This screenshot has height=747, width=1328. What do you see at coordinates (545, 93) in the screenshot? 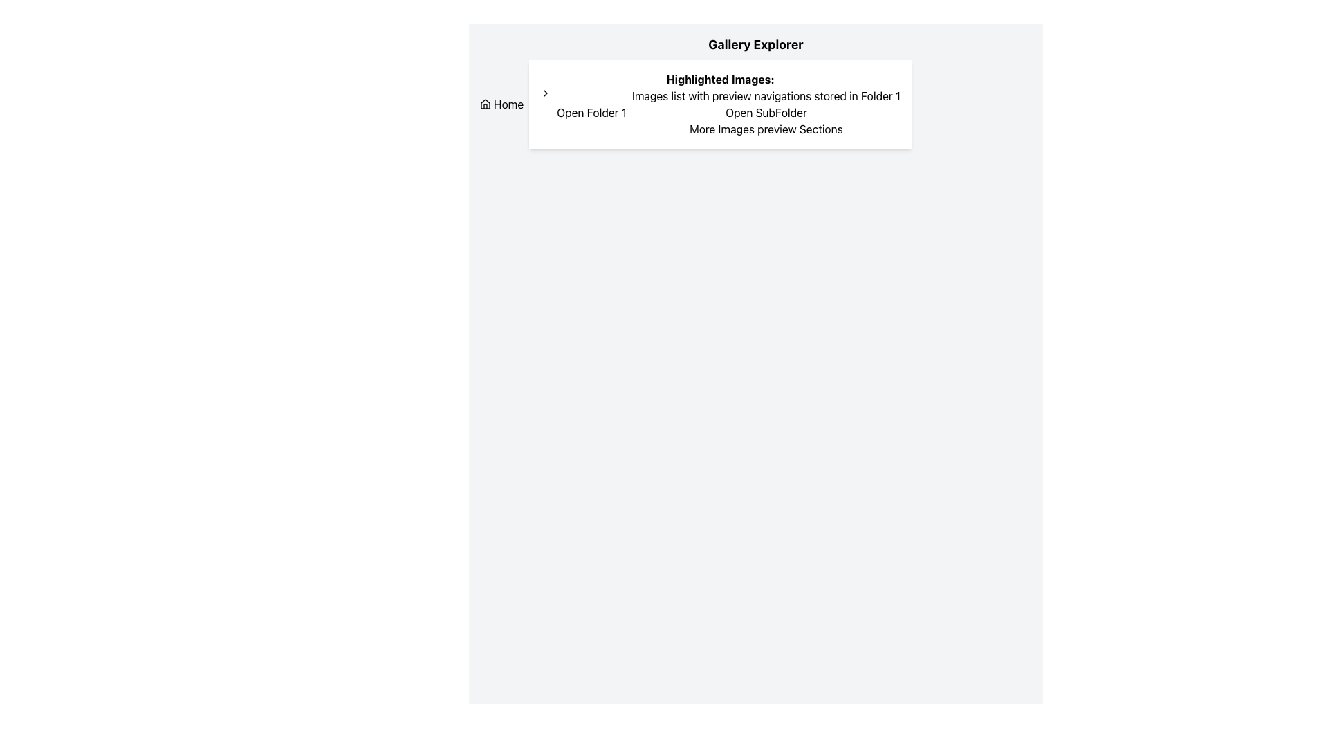
I see `the navigational icon located at the far left of the folder structure interface, which serves as an indicator or toggle for expanding or navigating to another view` at bounding box center [545, 93].